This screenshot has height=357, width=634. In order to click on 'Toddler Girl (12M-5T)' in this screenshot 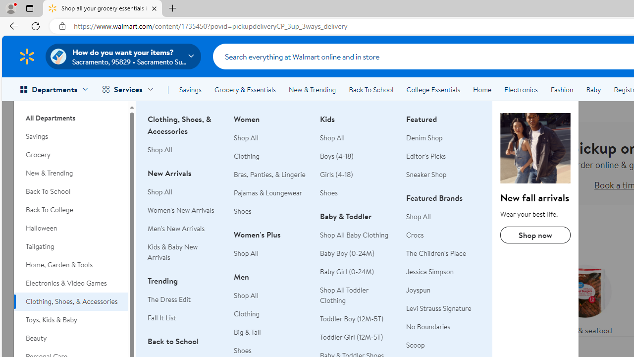, I will do `click(352, 337)`.